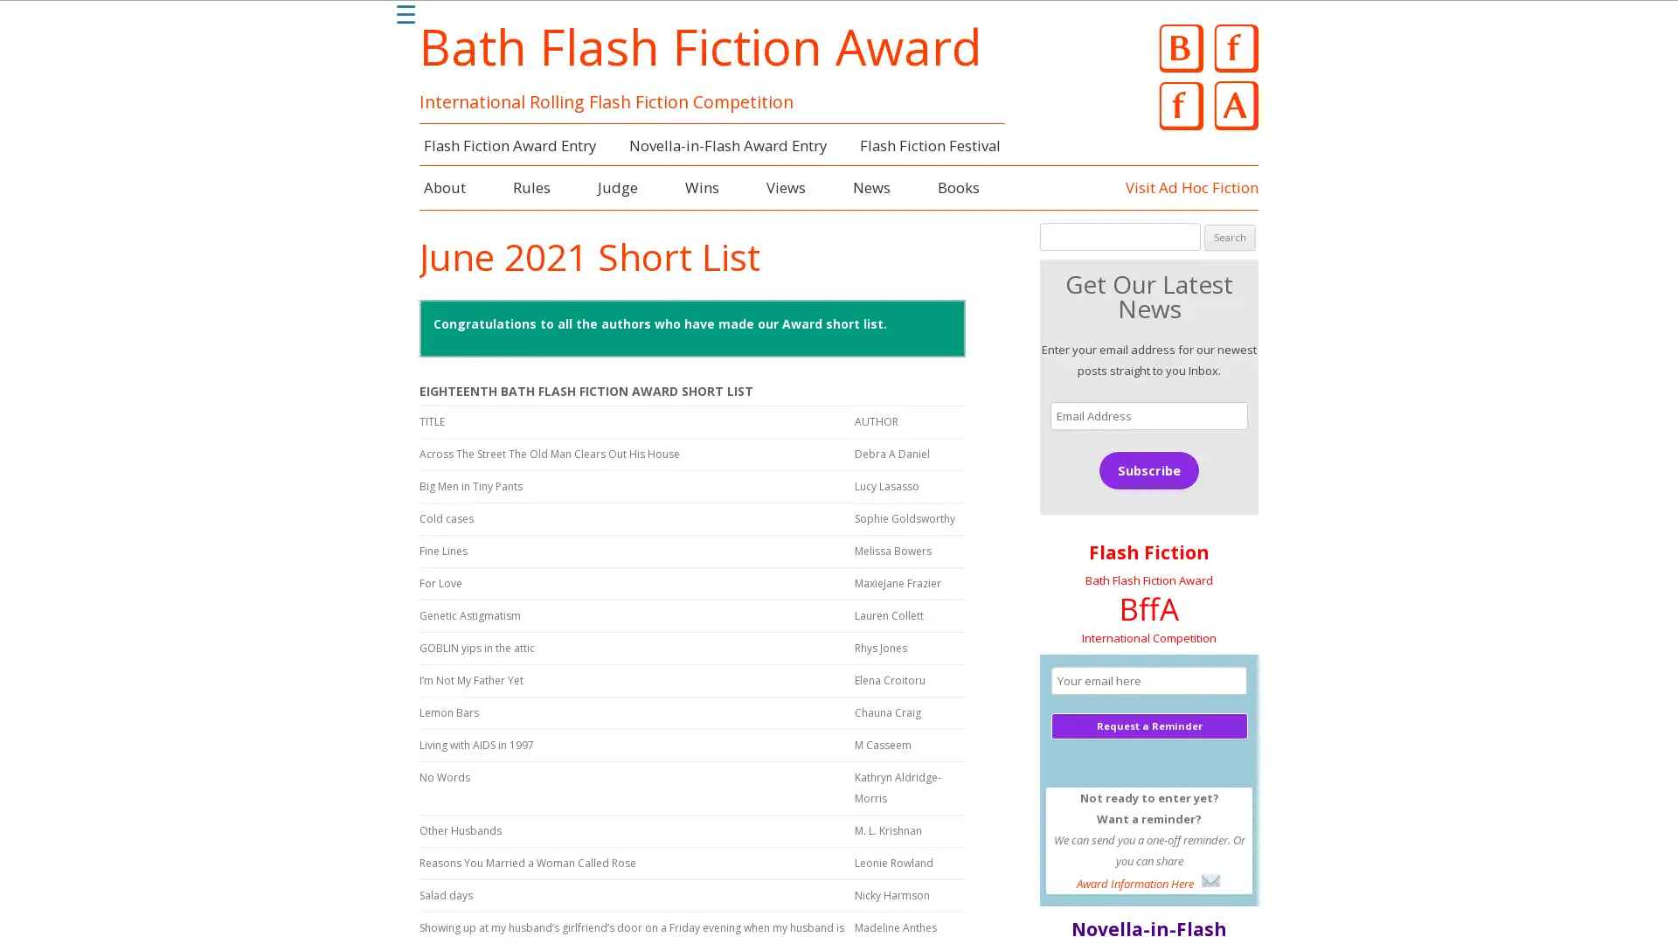  What do you see at coordinates (1148, 725) in the screenshot?
I see `Request a Reminder` at bounding box center [1148, 725].